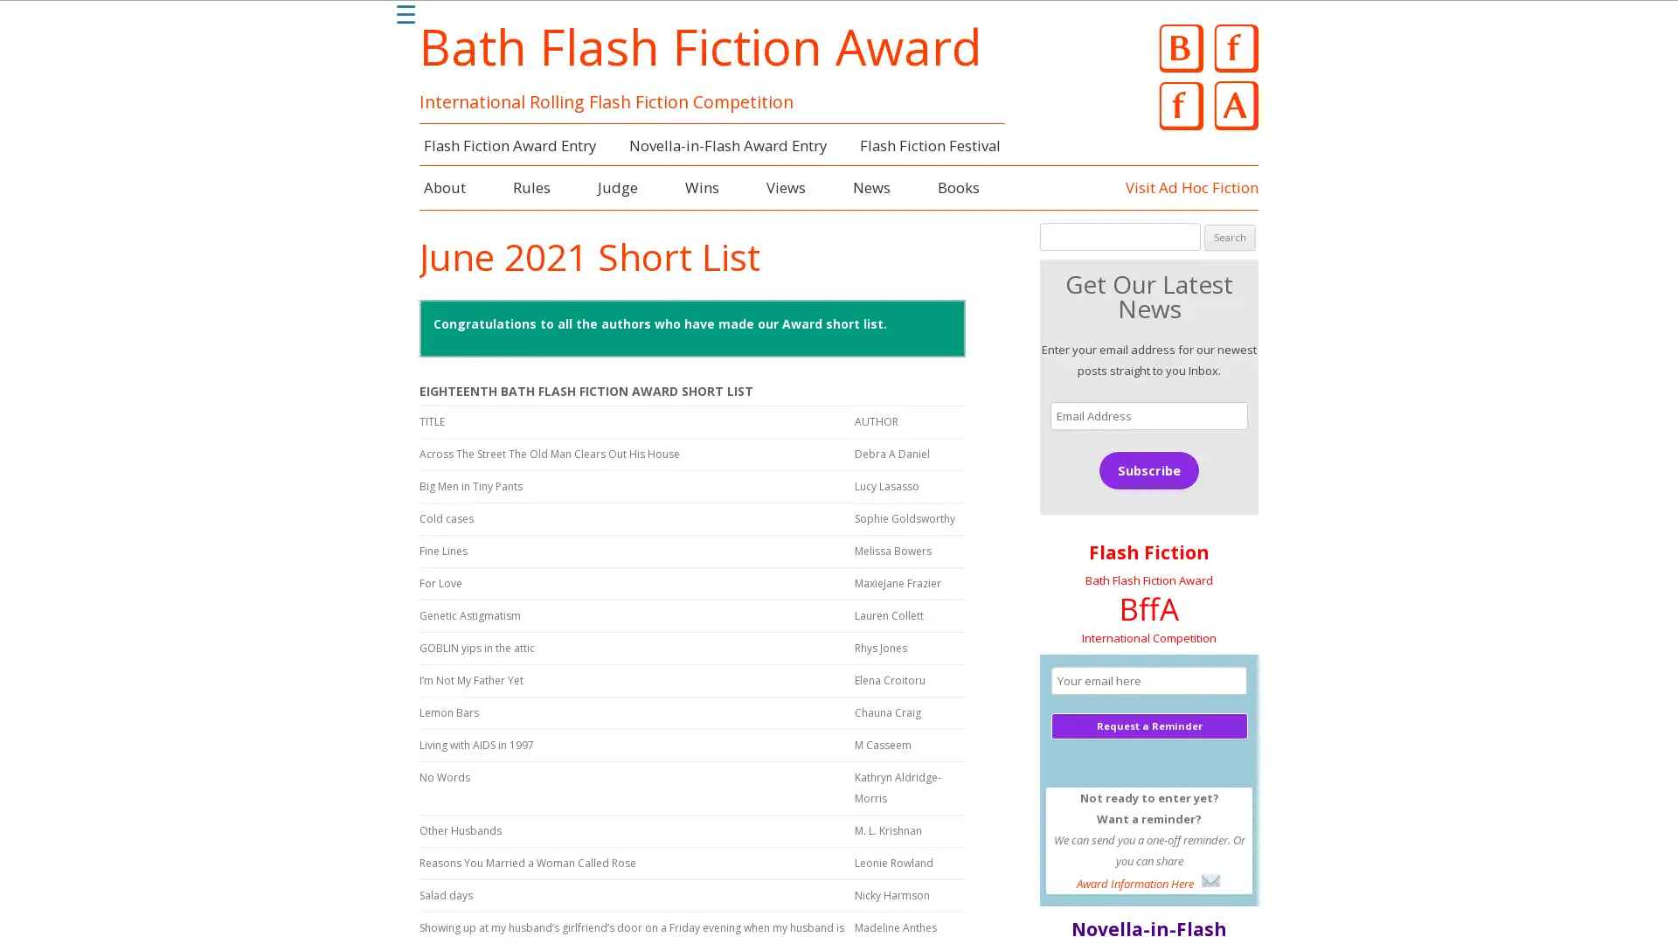  What do you see at coordinates (1148, 725) in the screenshot?
I see `Request a Reminder` at bounding box center [1148, 725].